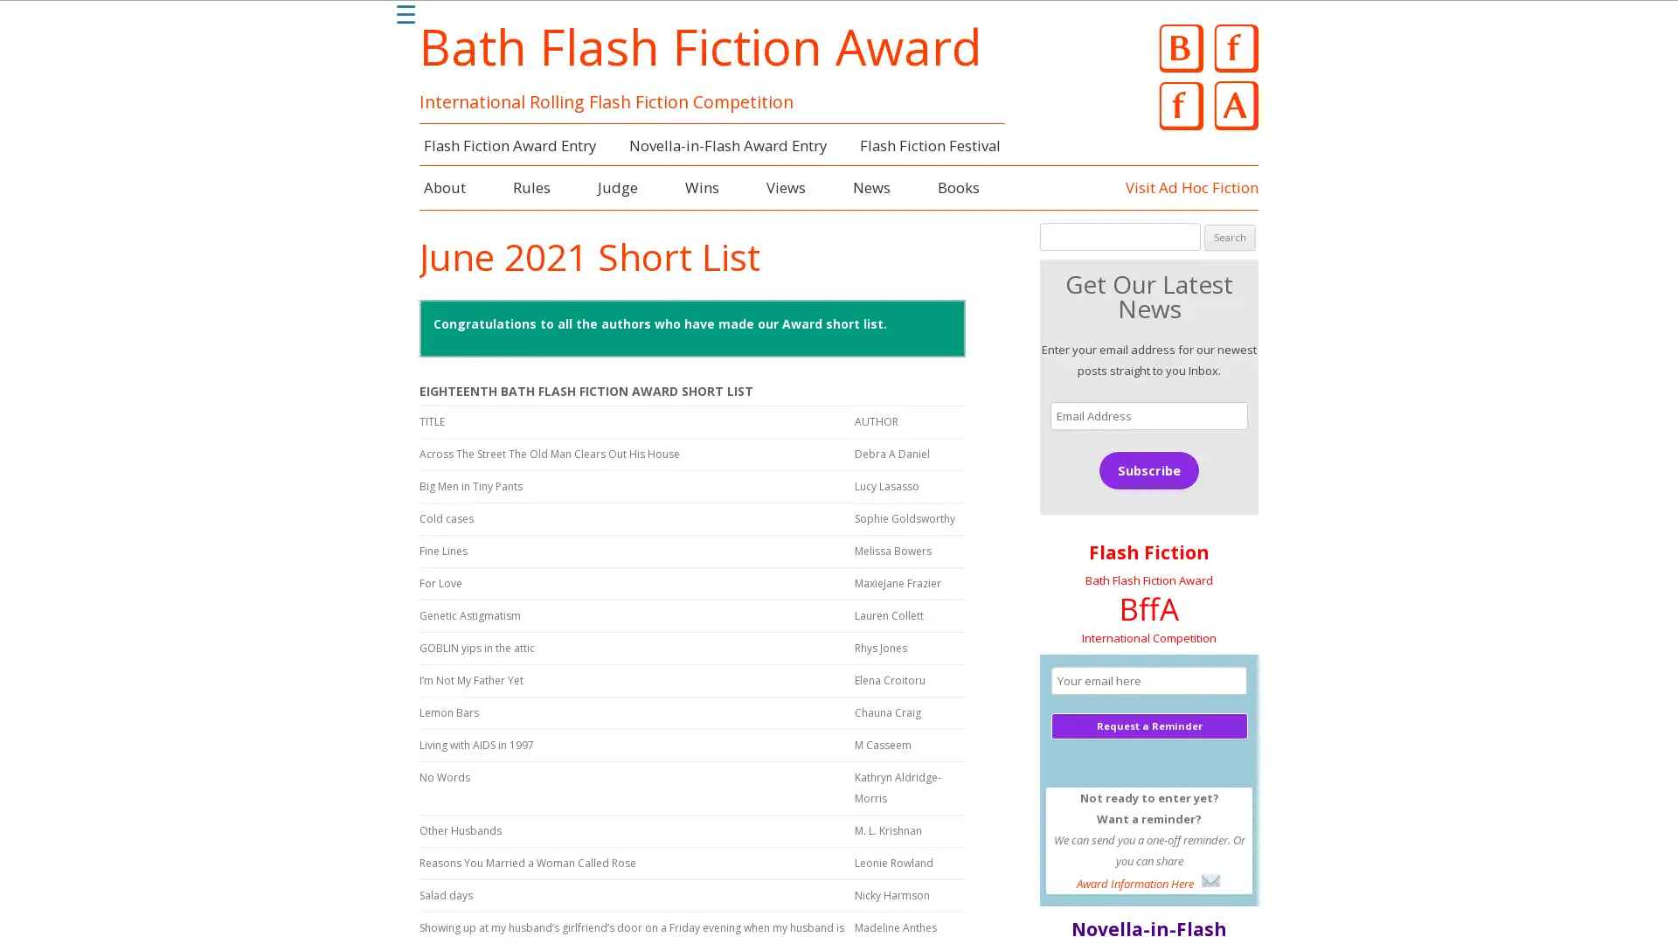  What do you see at coordinates (1148, 725) in the screenshot?
I see `Request a Reminder` at bounding box center [1148, 725].